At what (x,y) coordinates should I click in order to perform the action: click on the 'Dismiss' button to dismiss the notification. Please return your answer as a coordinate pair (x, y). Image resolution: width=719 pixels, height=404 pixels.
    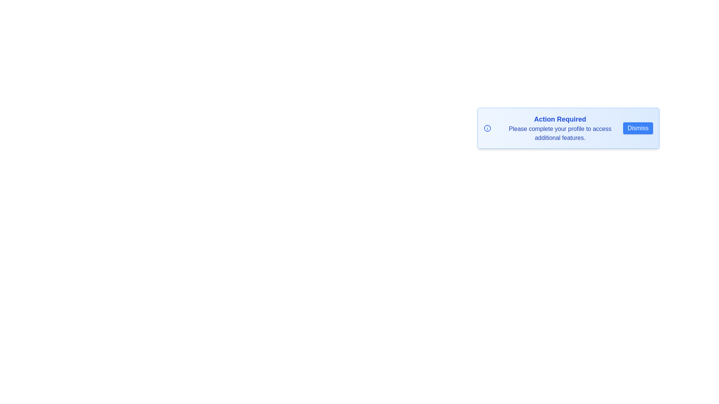
    Looking at the image, I should click on (638, 128).